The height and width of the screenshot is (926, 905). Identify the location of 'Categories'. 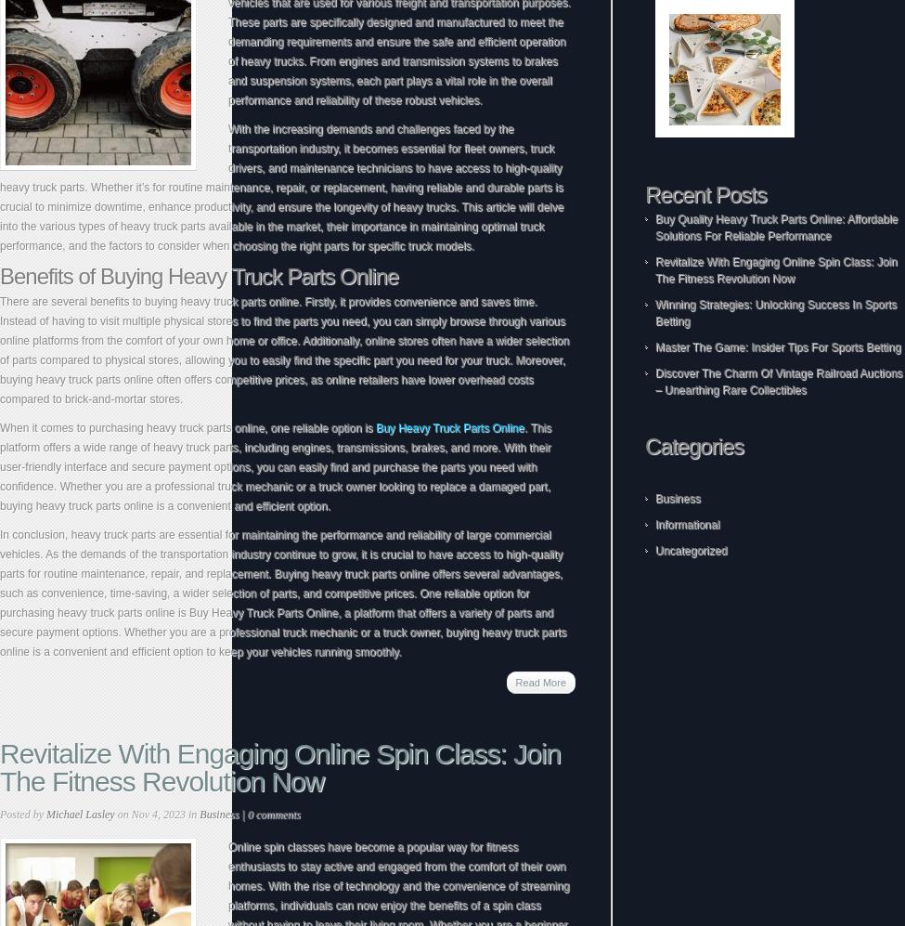
(643, 445).